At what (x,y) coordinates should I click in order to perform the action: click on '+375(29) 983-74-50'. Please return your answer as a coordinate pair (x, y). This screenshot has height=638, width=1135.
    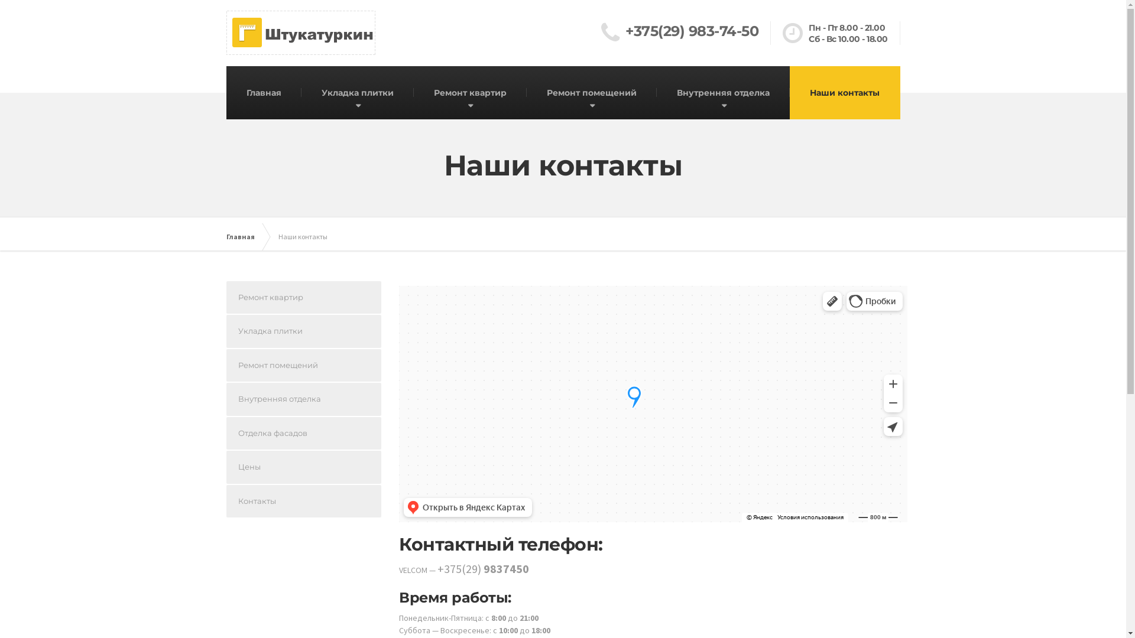
    Looking at the image, I should click on (686, 32).